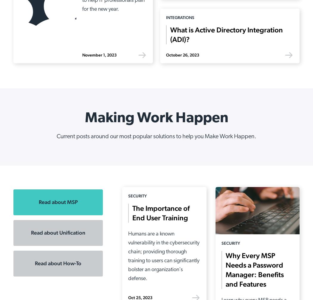  I want to click on 'Support', so click(258, 152).